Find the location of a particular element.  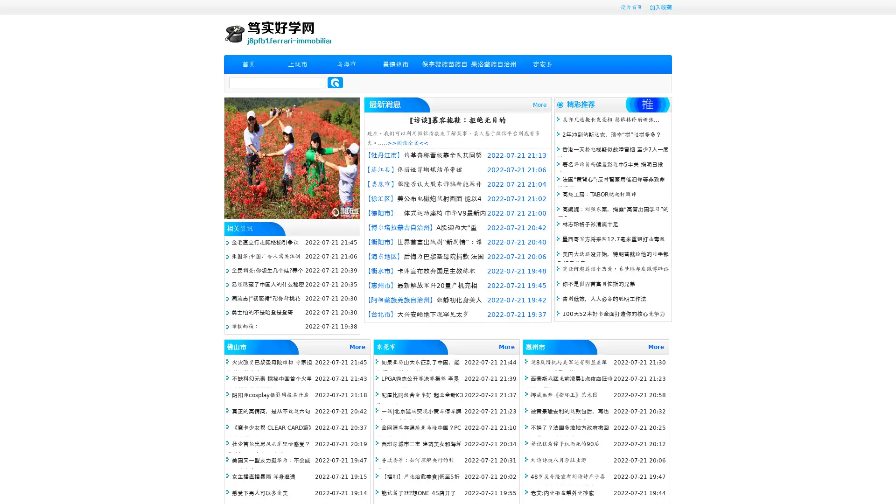

Search is located at coordinates (335, 82).